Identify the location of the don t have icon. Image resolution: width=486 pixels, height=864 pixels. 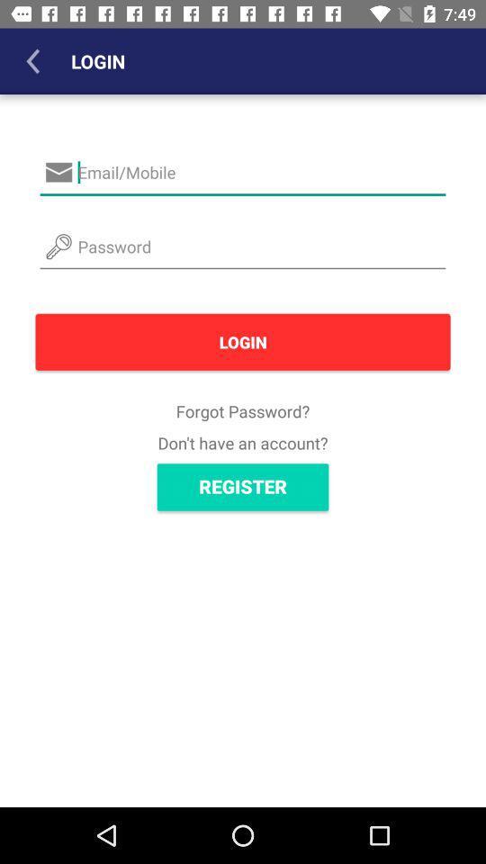
(243, 442).